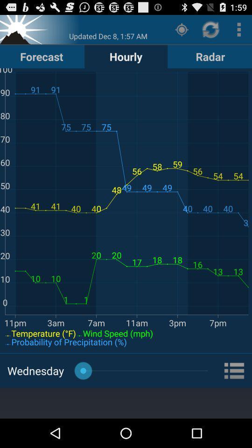  I want to click on the list icon, so click(234, 396).